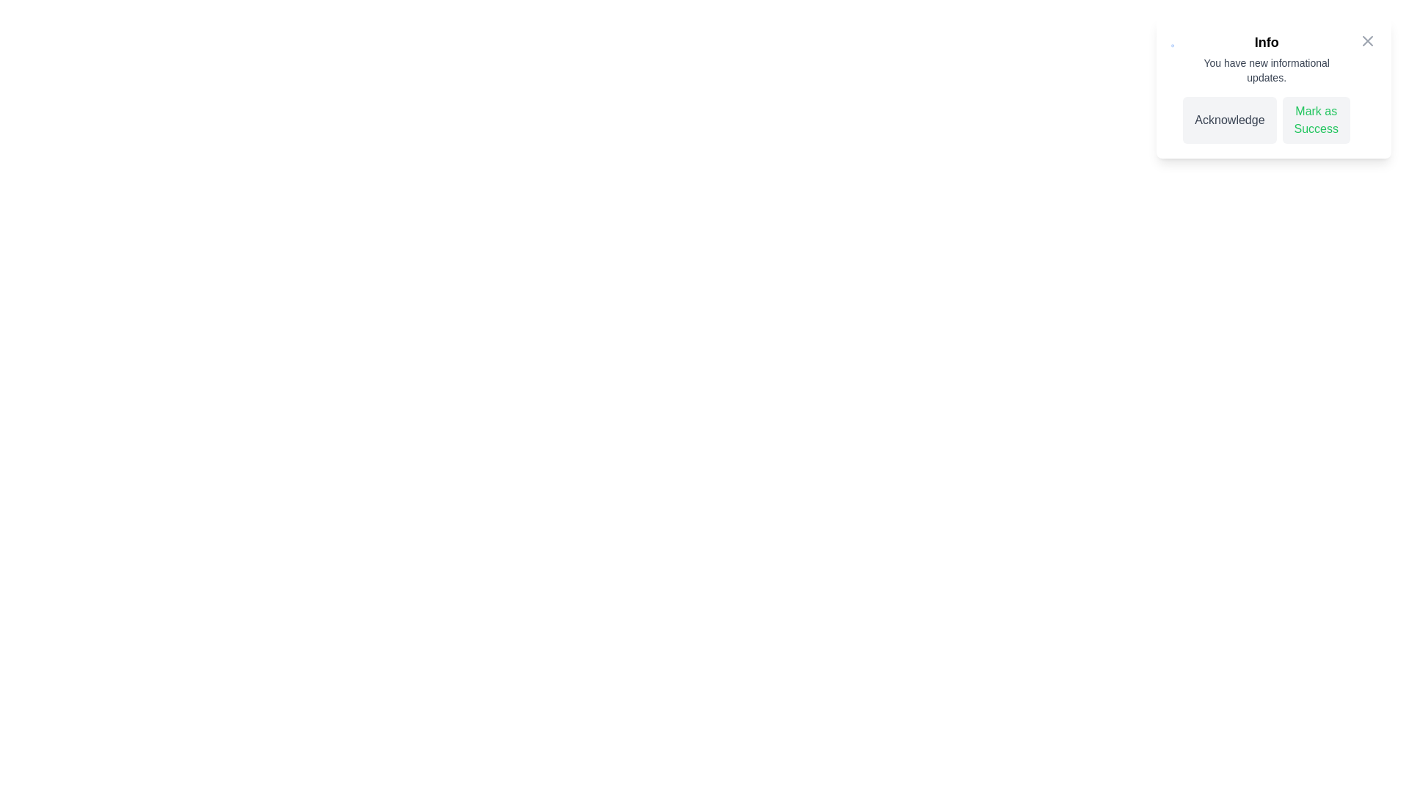  What do you see at coordinates (1229, 120) in the screenshot?
I see `the 'Acknowledge' button to acknowledge the notification` at bounding box center [1229, 120].